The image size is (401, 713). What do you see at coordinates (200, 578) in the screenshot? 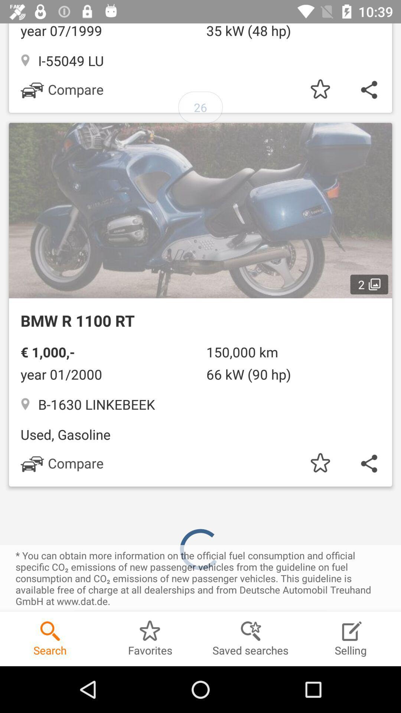
I see `you can obtain icon` at bounding box center [200, 578].